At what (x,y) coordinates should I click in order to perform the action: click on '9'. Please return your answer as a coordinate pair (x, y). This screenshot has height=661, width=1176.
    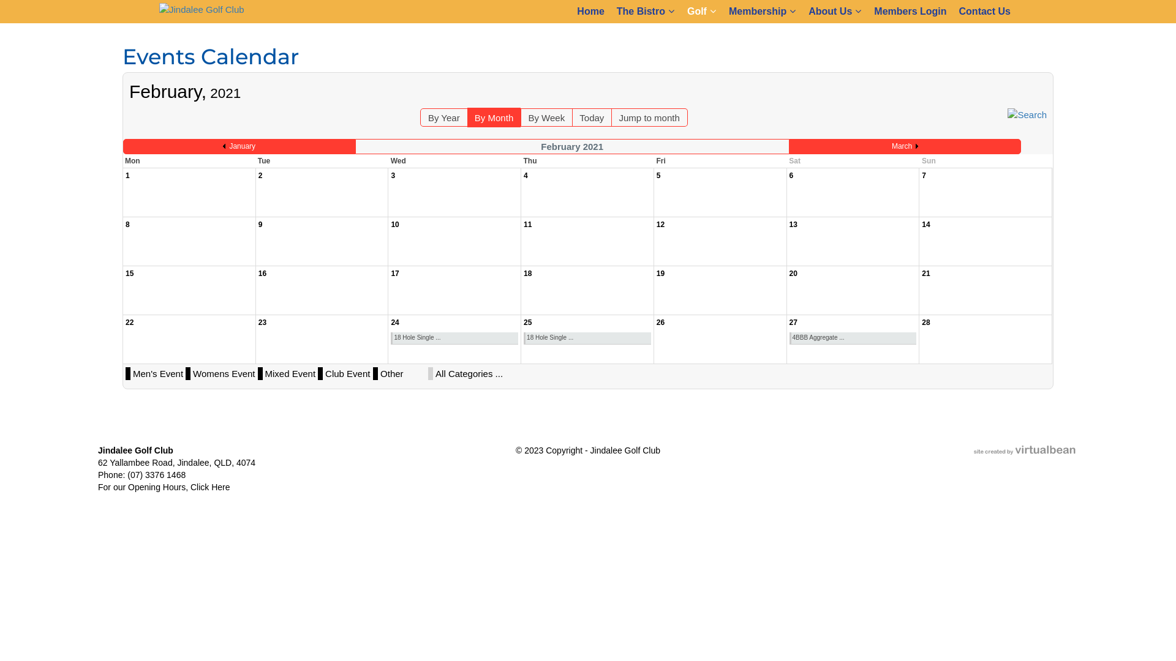
    Looking at the image, I should click on (260, 224).